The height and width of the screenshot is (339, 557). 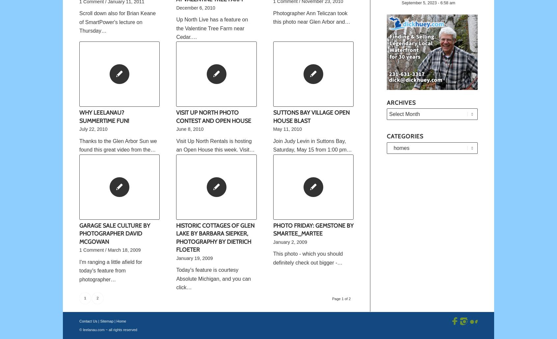 What do you see at coordinates (194, 258) in the screenshot?
I see `'January 19, 2009'` at bounding box center [194, 258].